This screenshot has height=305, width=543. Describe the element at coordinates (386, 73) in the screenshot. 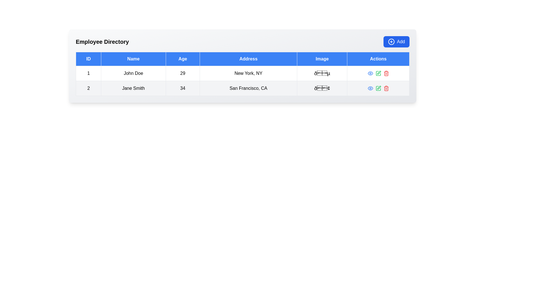

I see `the trash bin icon button in the 'Actions' column of the second row of the table, which is styled with a red color indicating a delete action` at that location.